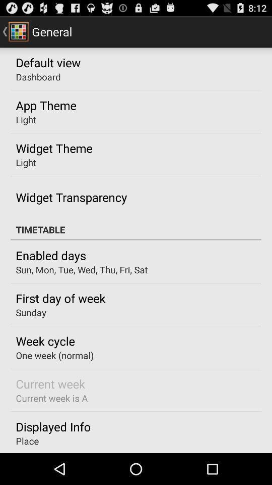  What do you see at coordinates (45, 105) in the screenshot?
I see `app theme icon` at bounding box center [45, 105].